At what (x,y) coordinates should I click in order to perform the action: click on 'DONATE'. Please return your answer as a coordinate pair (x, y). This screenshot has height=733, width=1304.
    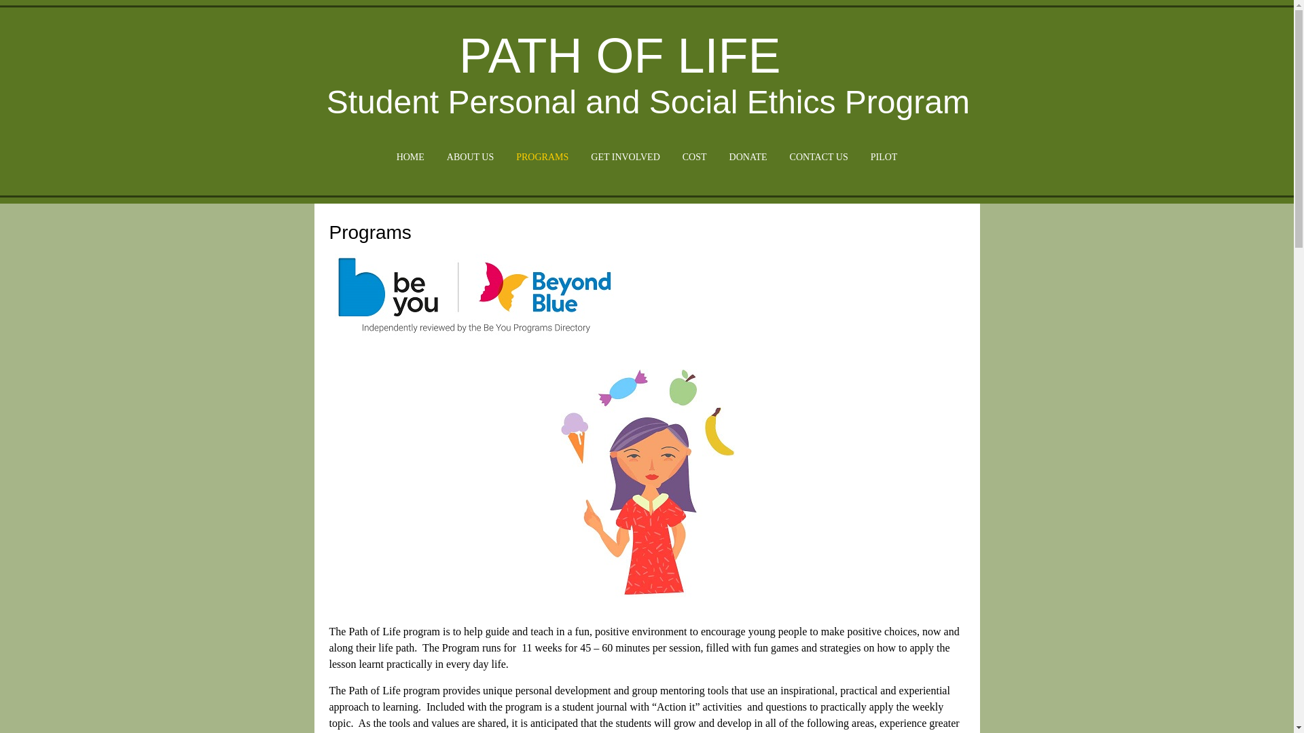
    Looking at the image, I should click on (719, 156).